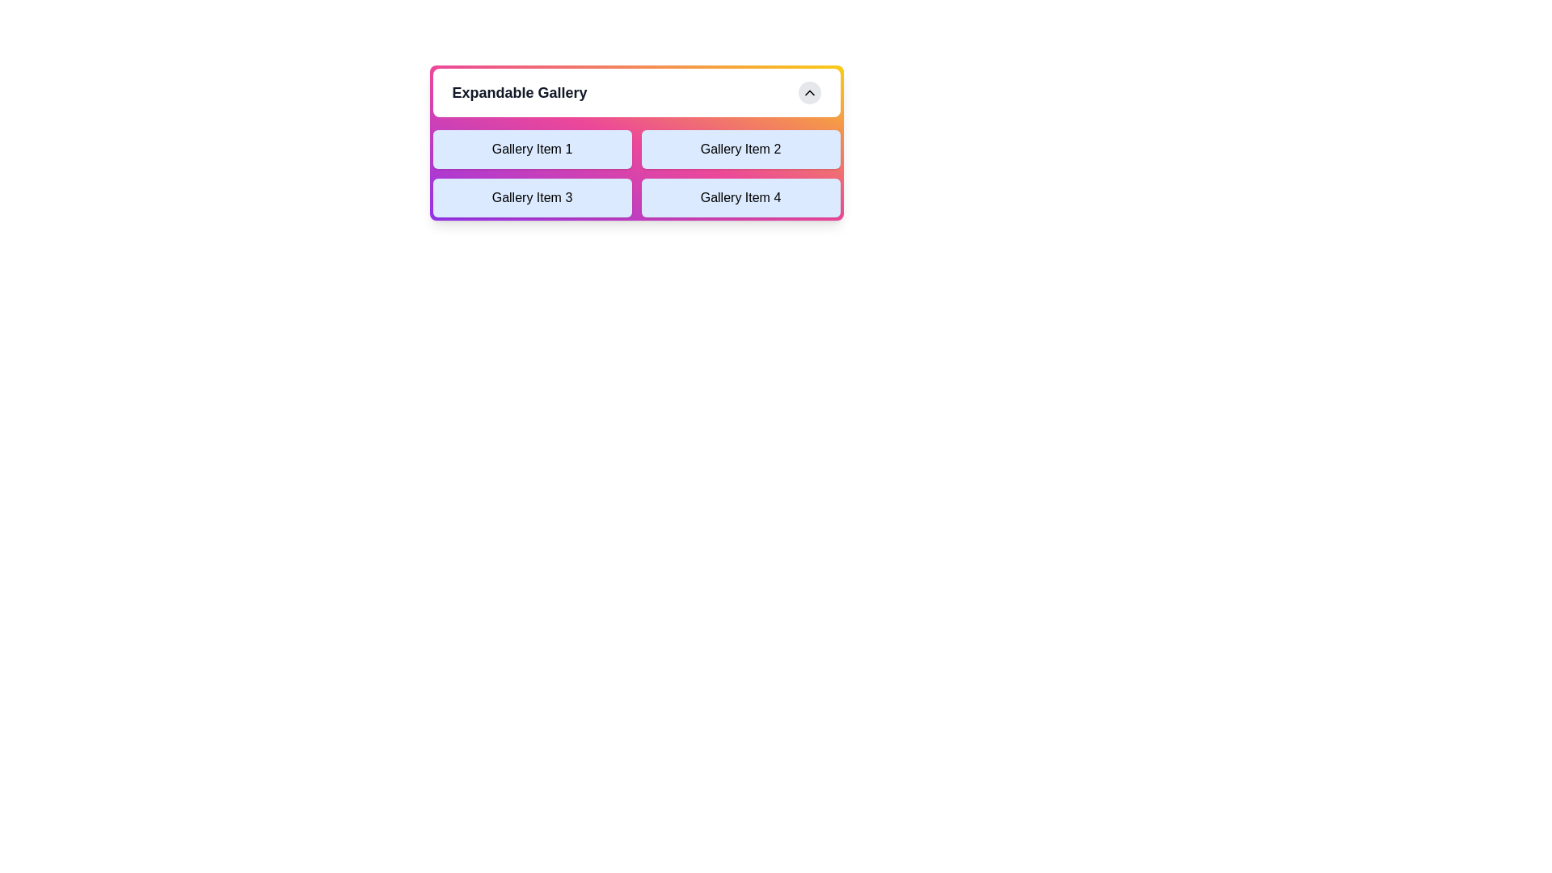  Describe the element at coordinates (740, 197) in the screenshot. I see `the 'Gallery Item 4' button for keyboard navigation by moving the cursor to its center point` at that location.